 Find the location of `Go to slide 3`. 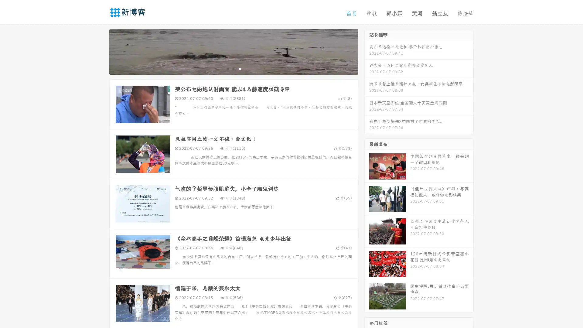

Go to slide 3 is located at coordinates (240, 68).